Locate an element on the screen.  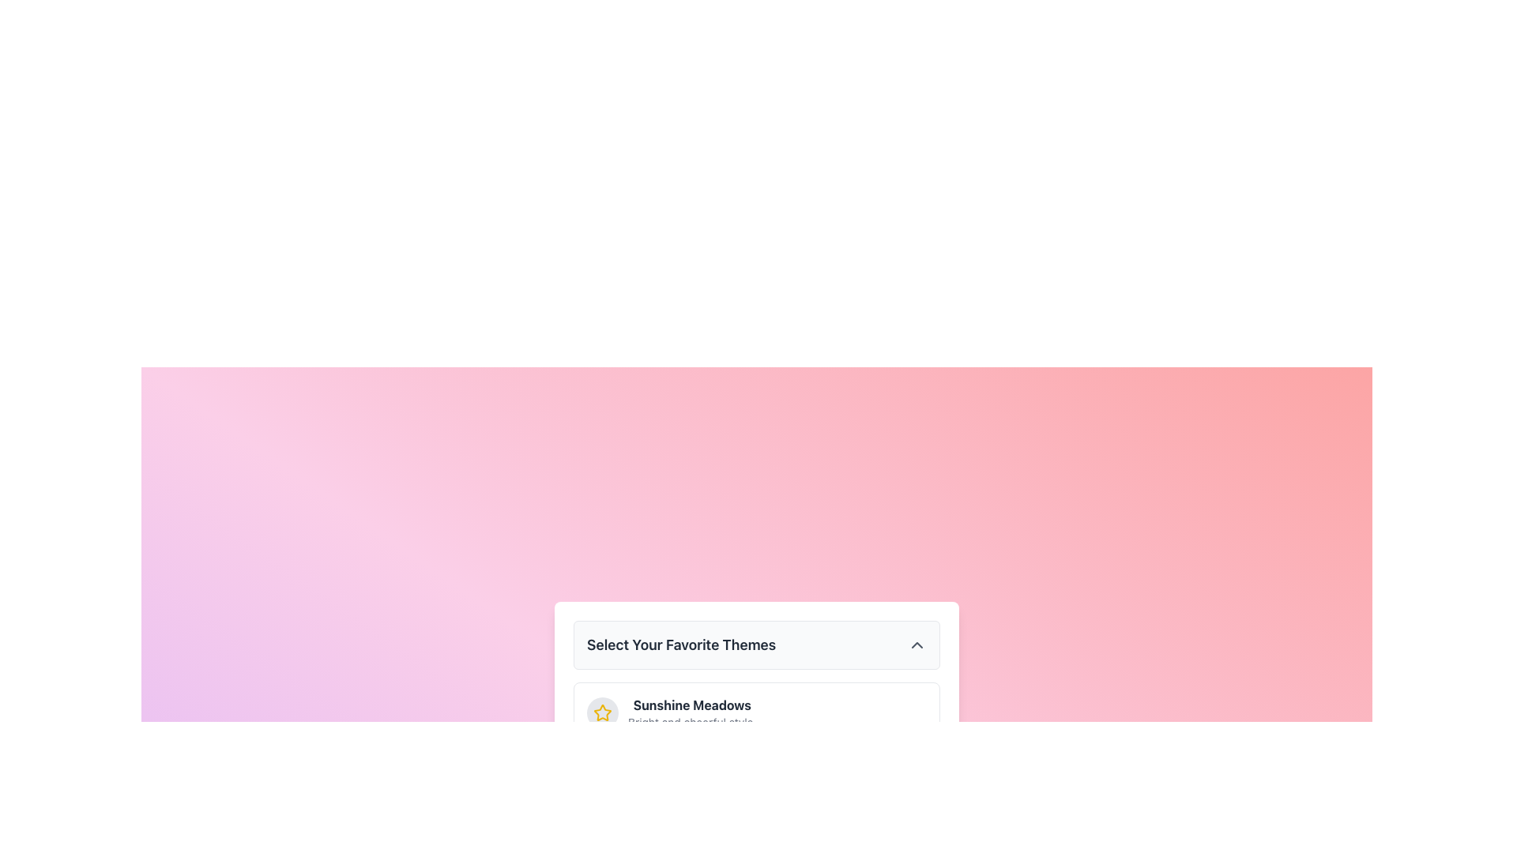
the star icon inside the circular button to favorite or rate 'Sunshine Meadows' is located at coordinates (602, 712).